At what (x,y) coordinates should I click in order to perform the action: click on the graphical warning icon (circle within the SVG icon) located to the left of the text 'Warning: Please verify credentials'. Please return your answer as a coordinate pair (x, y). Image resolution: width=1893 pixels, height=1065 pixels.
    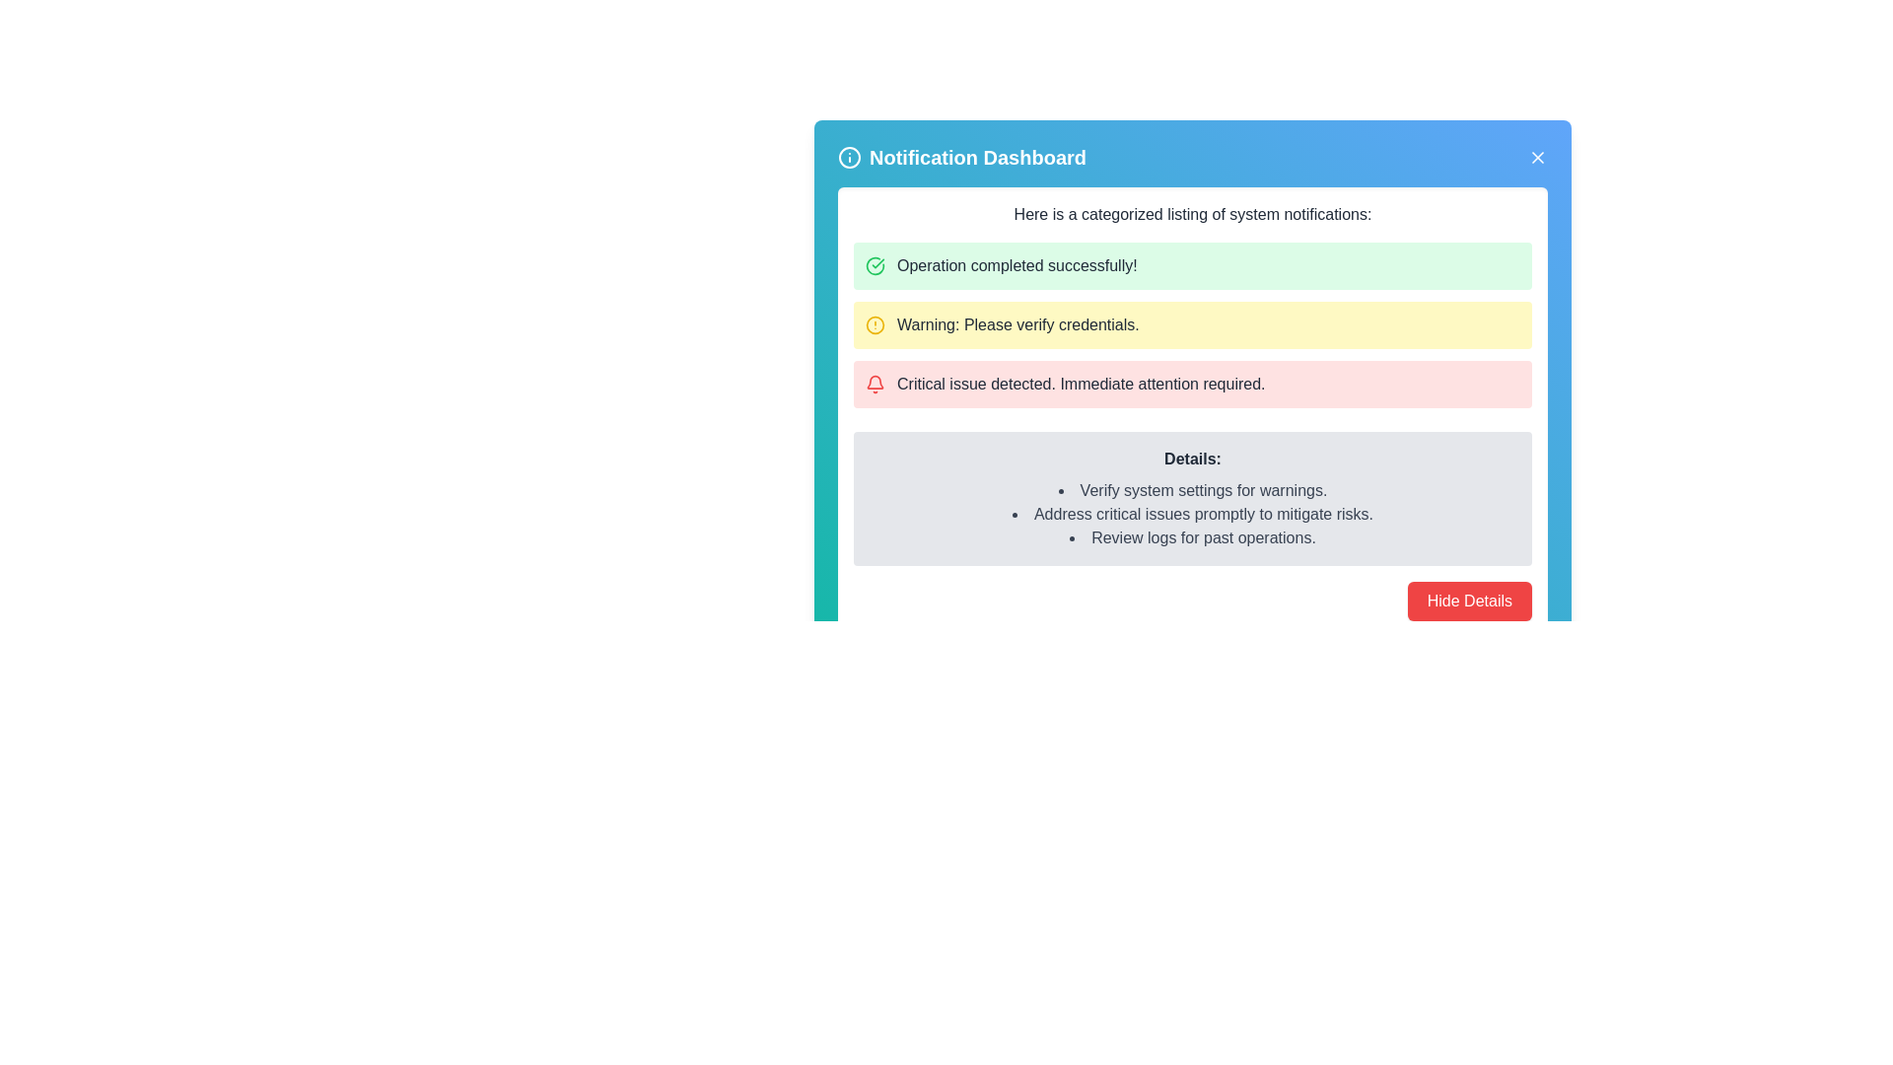
    Looking at the image, I should click on (875, 324).